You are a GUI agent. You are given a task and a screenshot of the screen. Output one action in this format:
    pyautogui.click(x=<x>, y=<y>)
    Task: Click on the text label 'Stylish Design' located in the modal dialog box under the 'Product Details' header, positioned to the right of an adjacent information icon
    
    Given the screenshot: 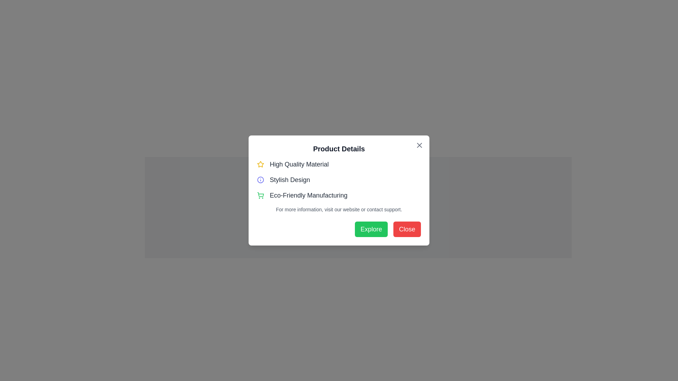 What is the action you would take?
    pyautogui.click(x=290, y=179)
    